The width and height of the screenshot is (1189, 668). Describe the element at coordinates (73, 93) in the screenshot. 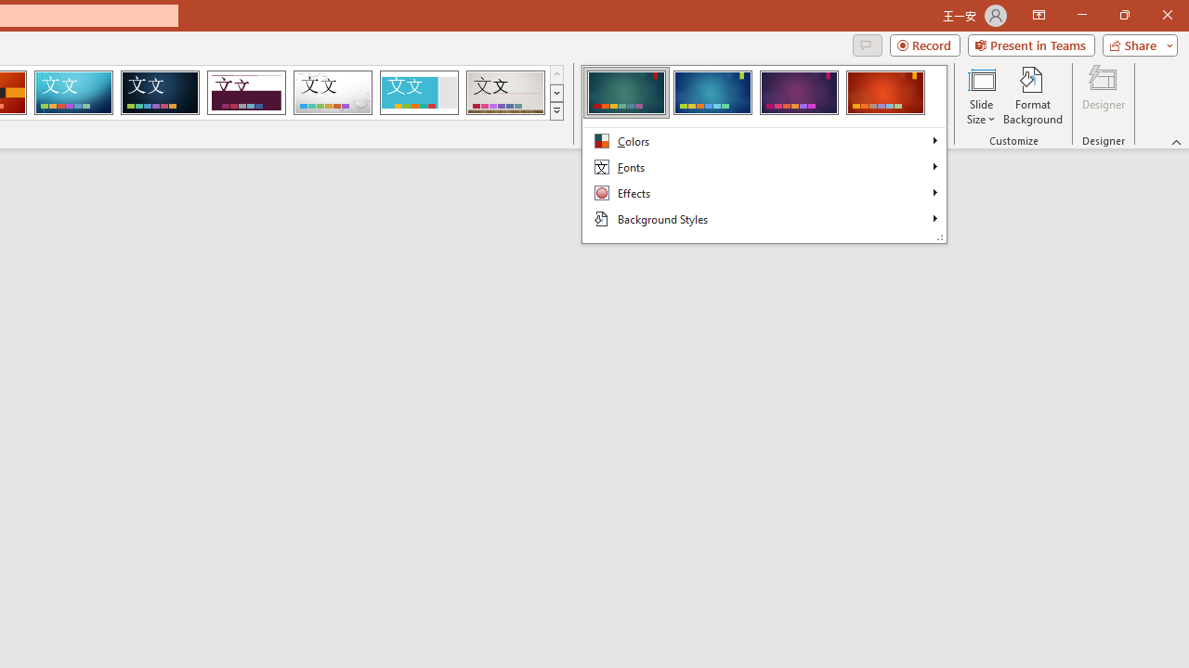

I see `'Circuit Loading Preview...'` at that location.